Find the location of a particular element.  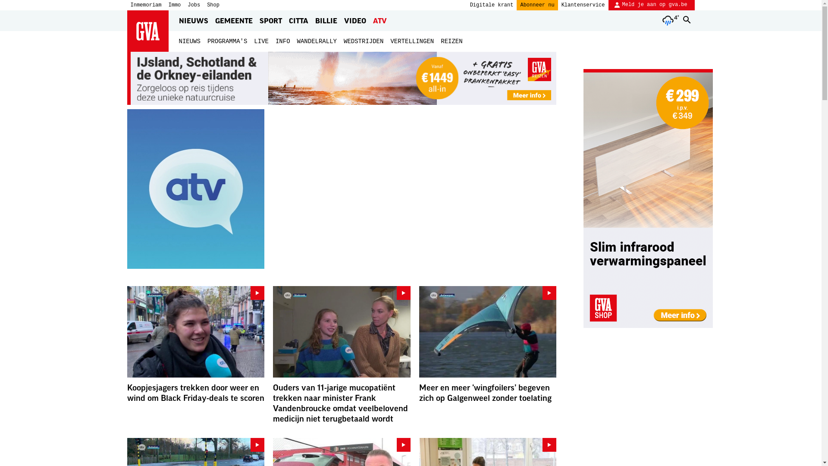

'Abonneer nu' is located at coordinates (536, 5).